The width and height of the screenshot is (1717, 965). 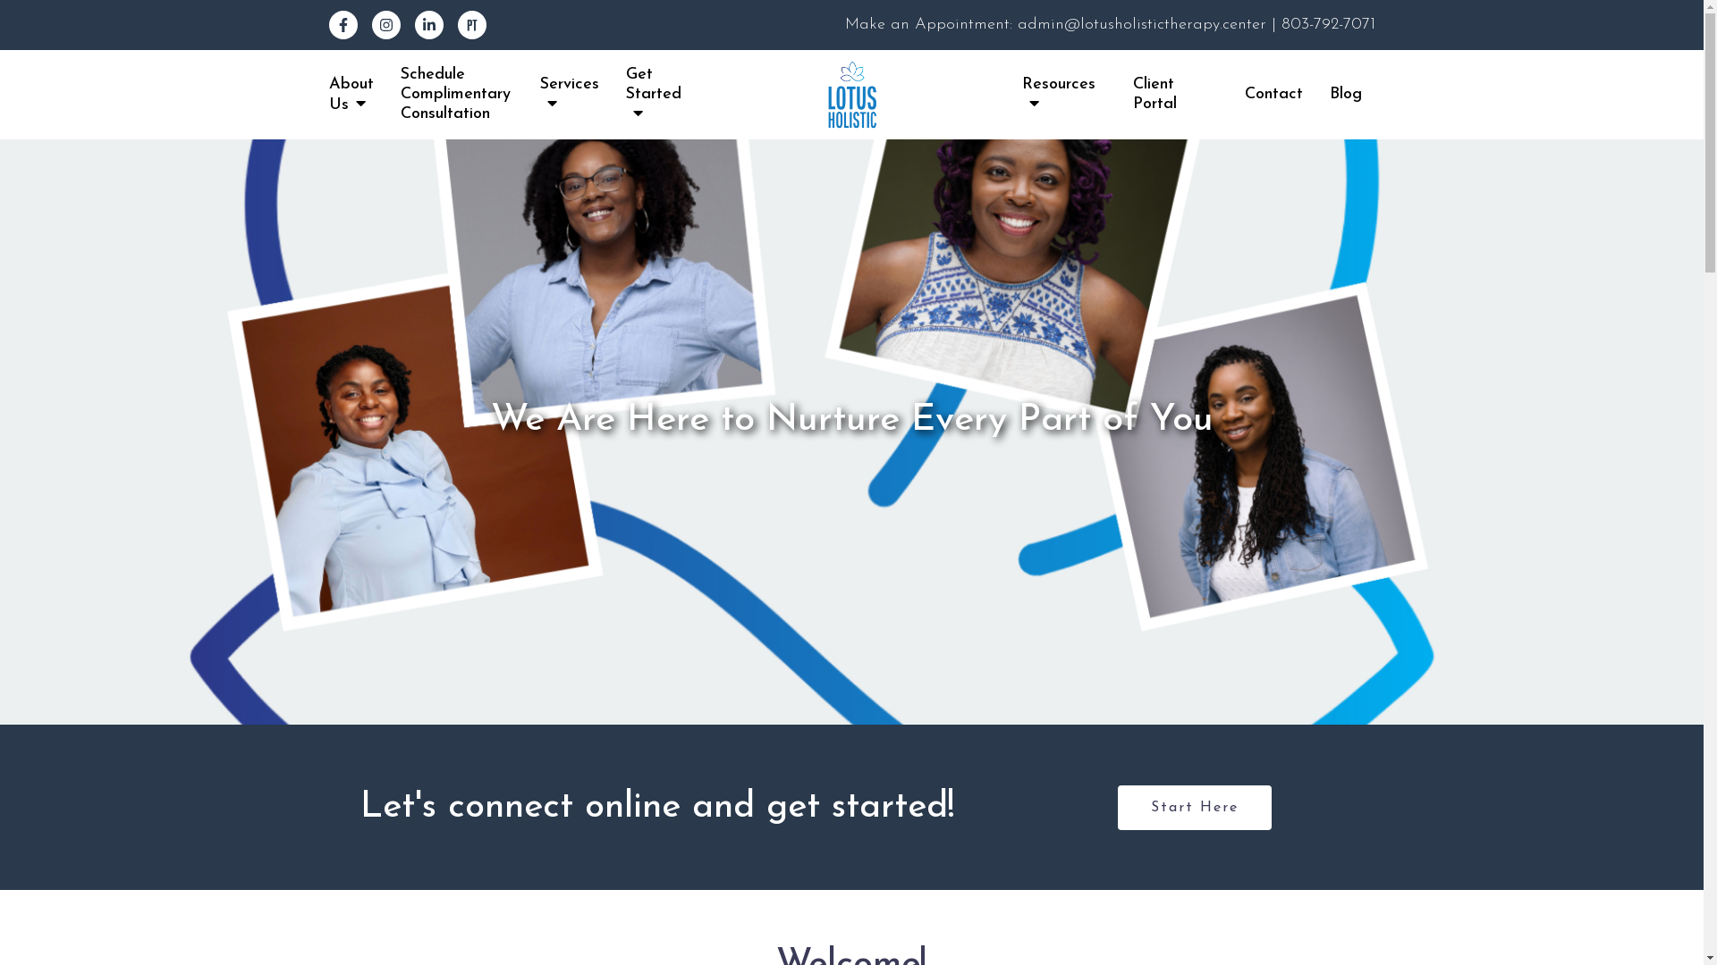 What do you see at coordinates (626, 94) in the screenshot?
I see `'Get Started'` at bounding box center [626, 94].